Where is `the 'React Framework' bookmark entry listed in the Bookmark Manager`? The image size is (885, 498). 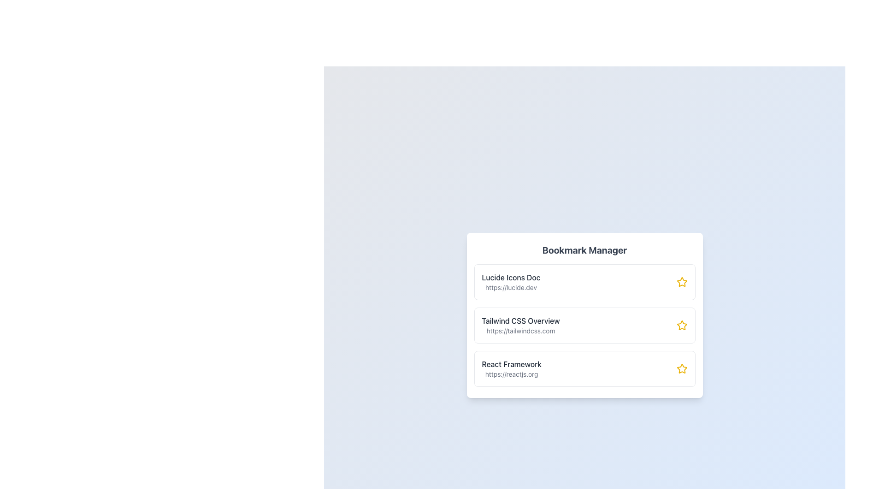
the 'React Framework' bookmark entry listed in the Bookmark Manager is located at coordinates (511, 368).